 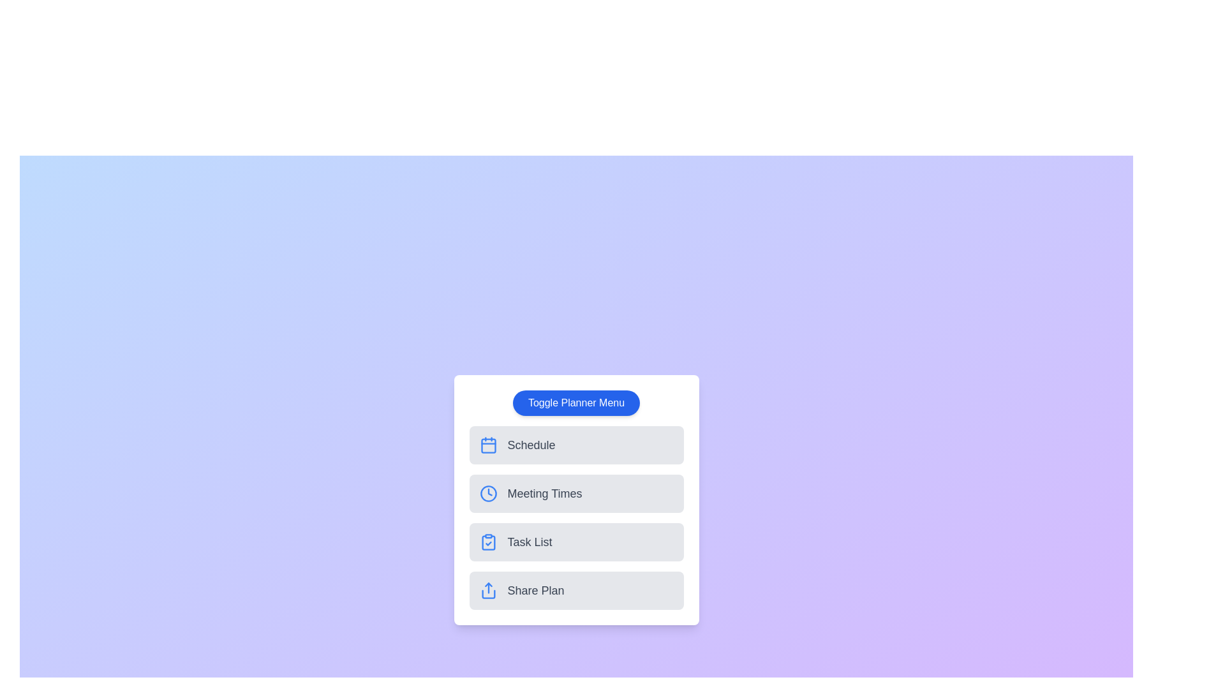 What do you see at coordinates (487, 493) in the screenshot?
I see `the icon corresponding to Meeting Times in the planner menu` at bounding box center [487, 493].